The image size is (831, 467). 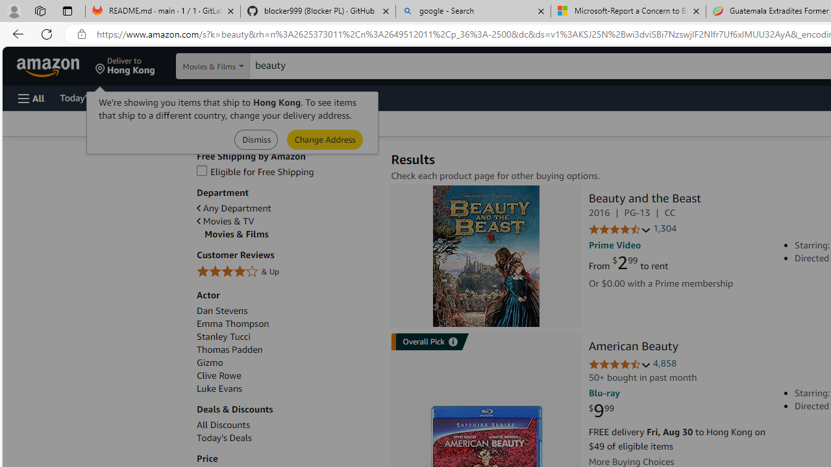 I want to click on 'google - Search', so click(x=473, y=11).